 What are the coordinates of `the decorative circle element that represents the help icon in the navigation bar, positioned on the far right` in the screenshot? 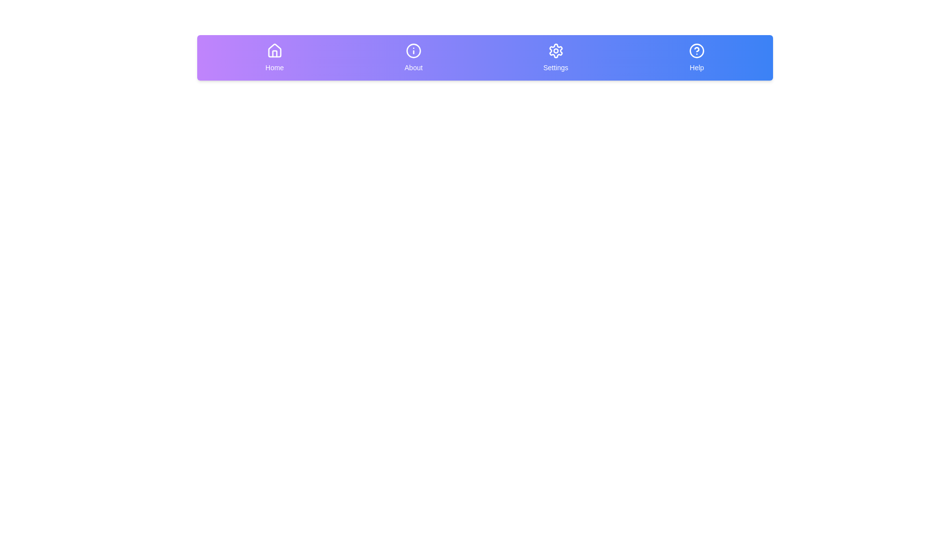 It's located at (696, 51).